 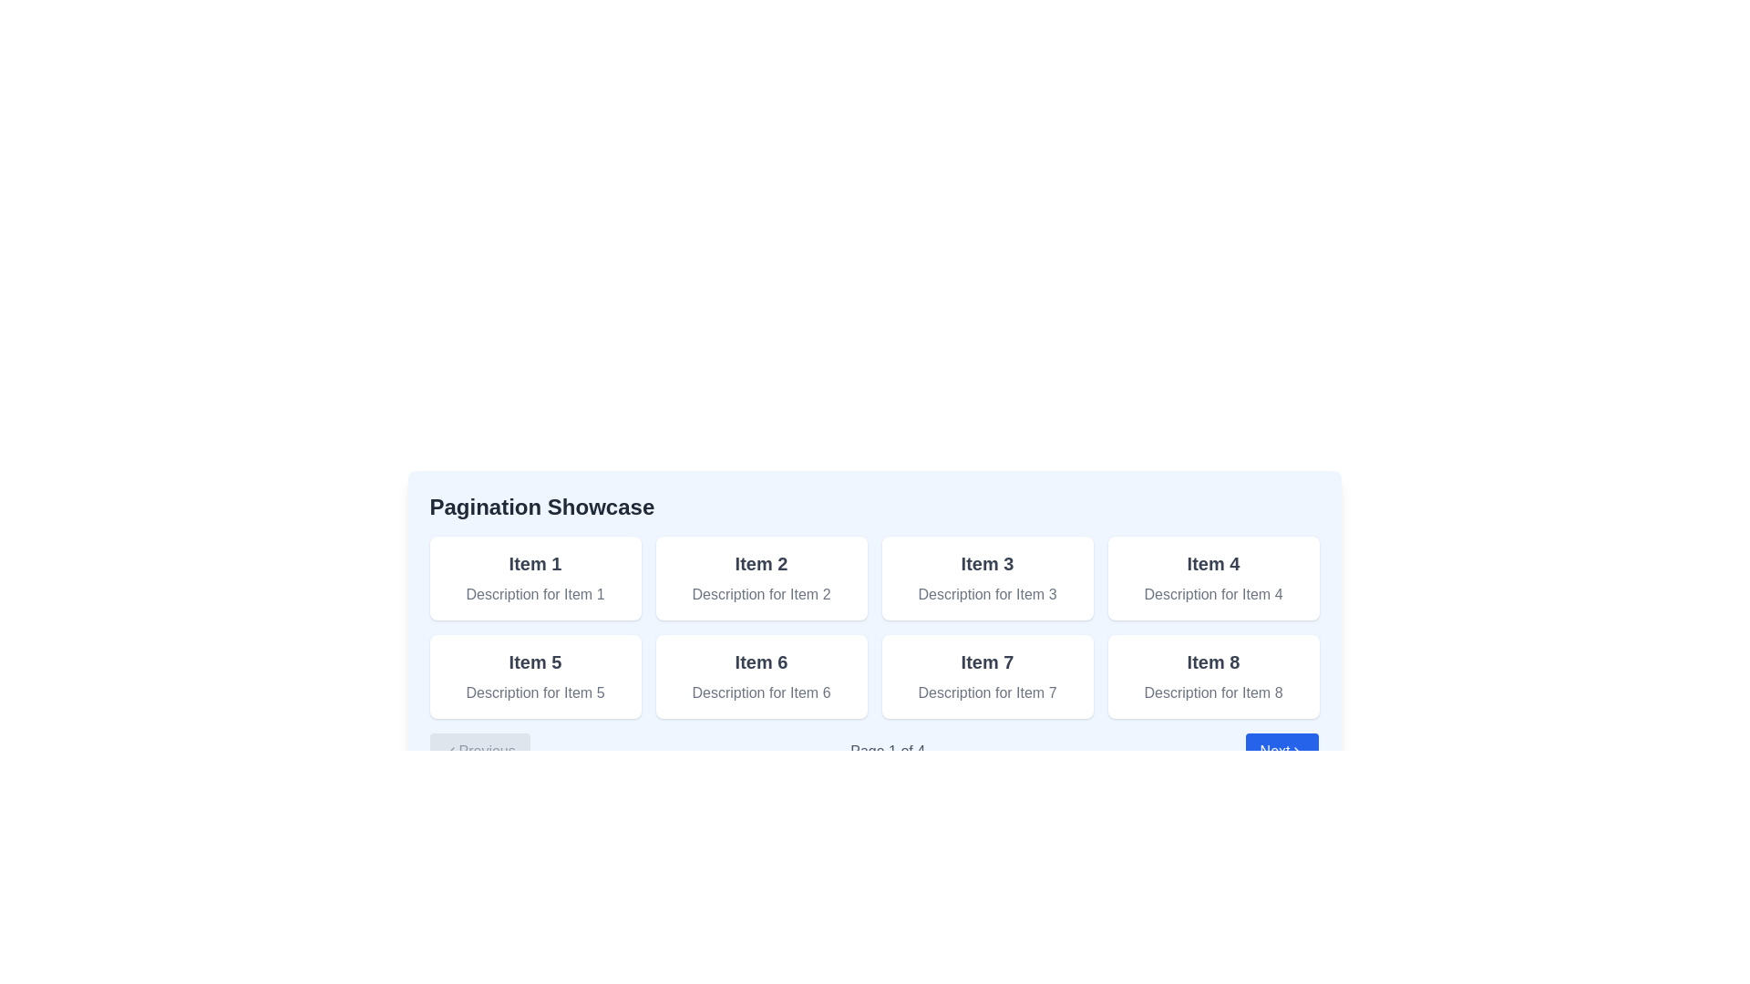 I want to click on the Card element displaying 'Item 7' with a white background and shadow effect, located in the second row and third column of a 4x2 grid layout, so click(x=986, y=677).